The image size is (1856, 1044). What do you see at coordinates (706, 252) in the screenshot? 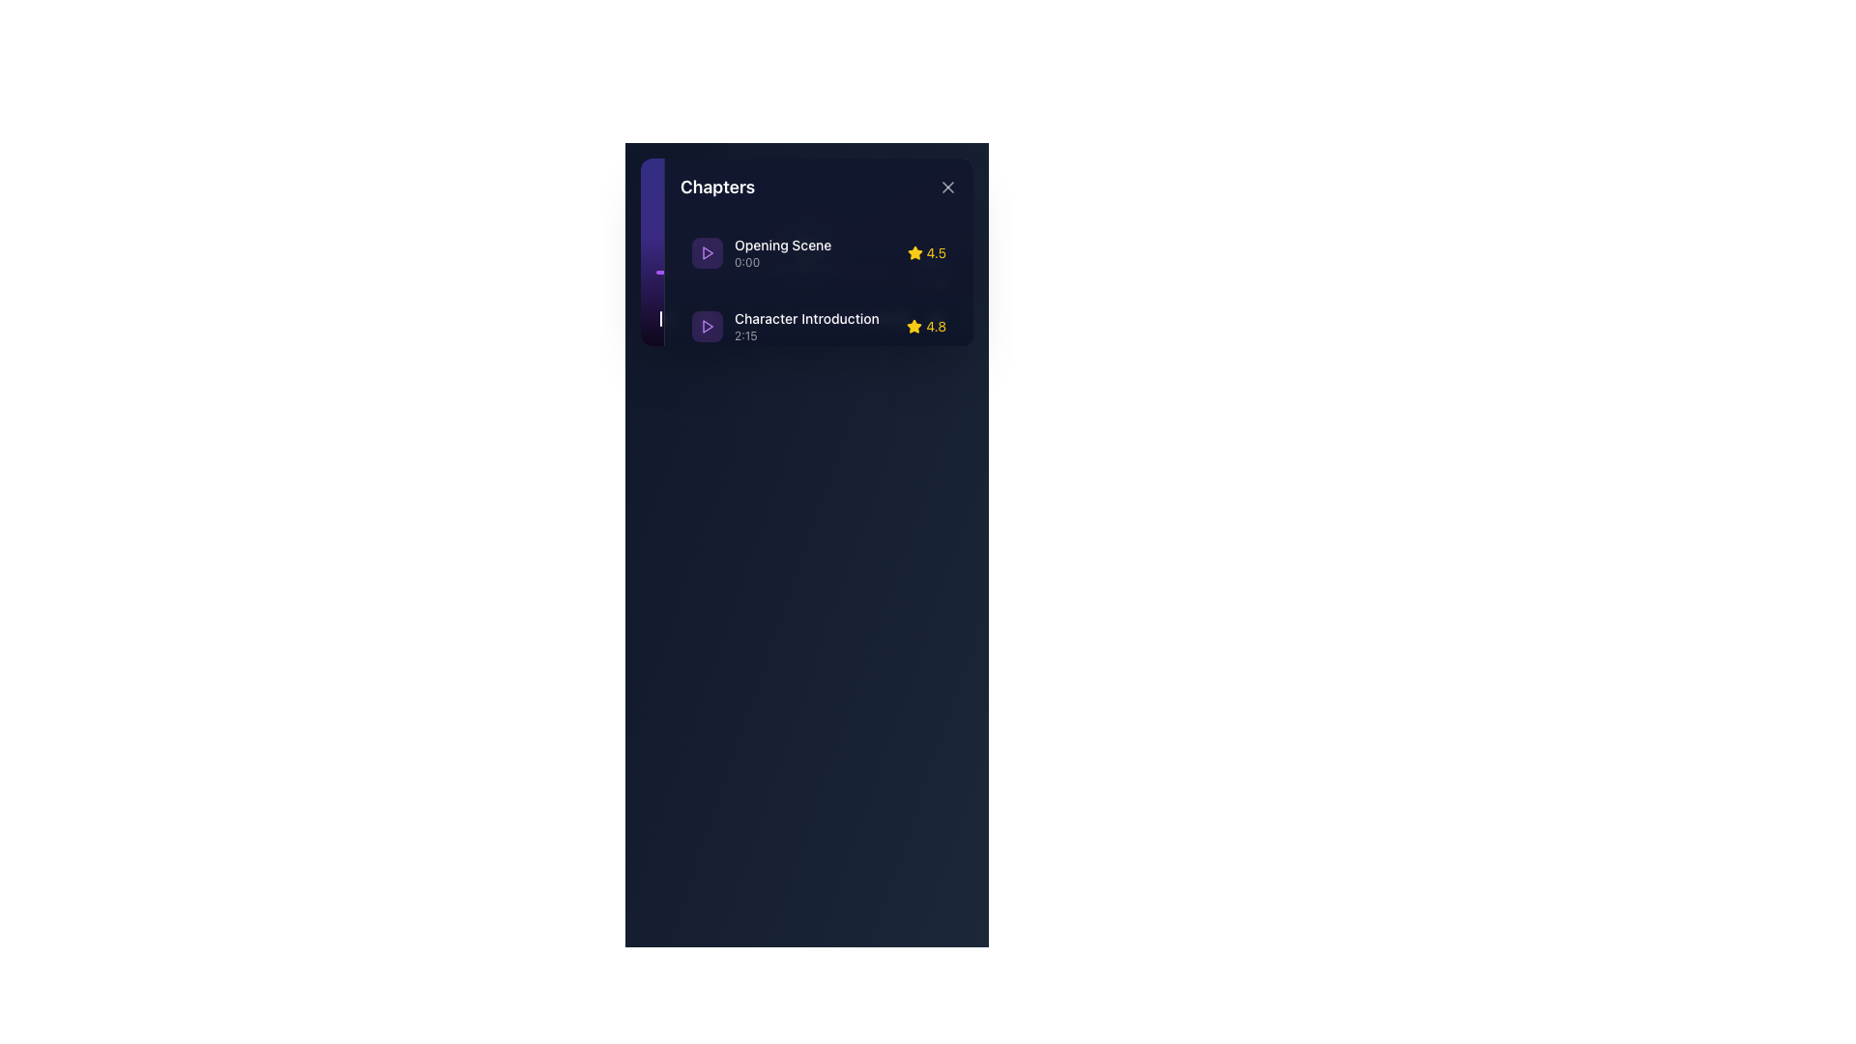
I see `the triangular-shaped play icon with a purple outline, located in the top-left portion of the card for the 'Opening Scene' chapter` at bounding box center [706, 252].